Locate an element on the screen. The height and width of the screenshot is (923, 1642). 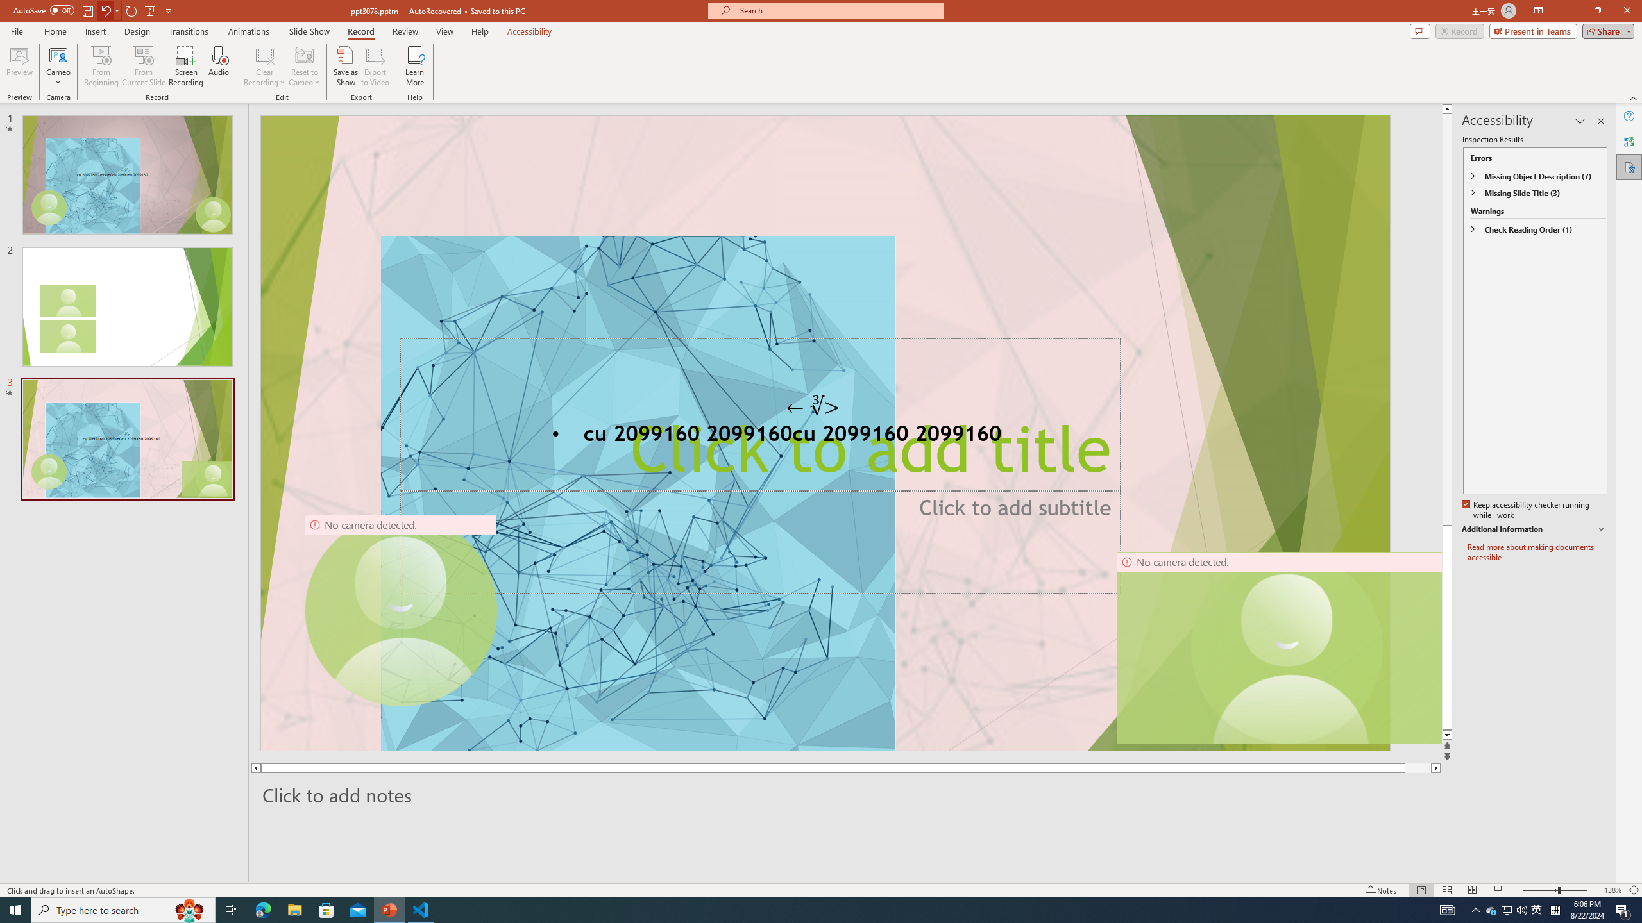
'Export to Video' is located at coordinates (374, 66).